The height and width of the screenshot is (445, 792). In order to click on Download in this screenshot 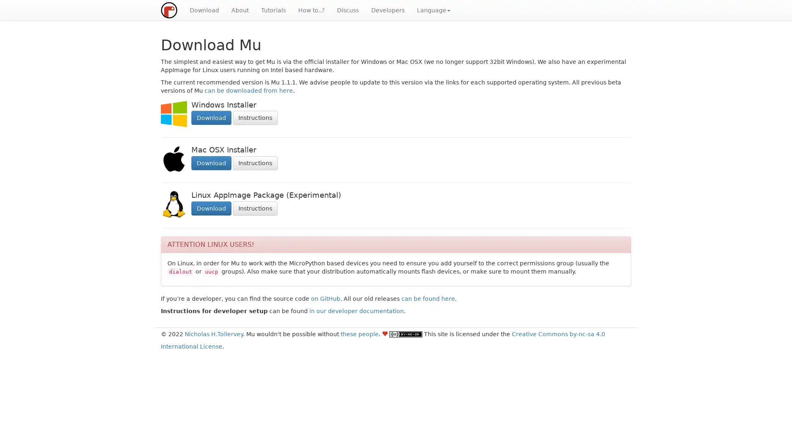, I will do `click(211, 208)`.